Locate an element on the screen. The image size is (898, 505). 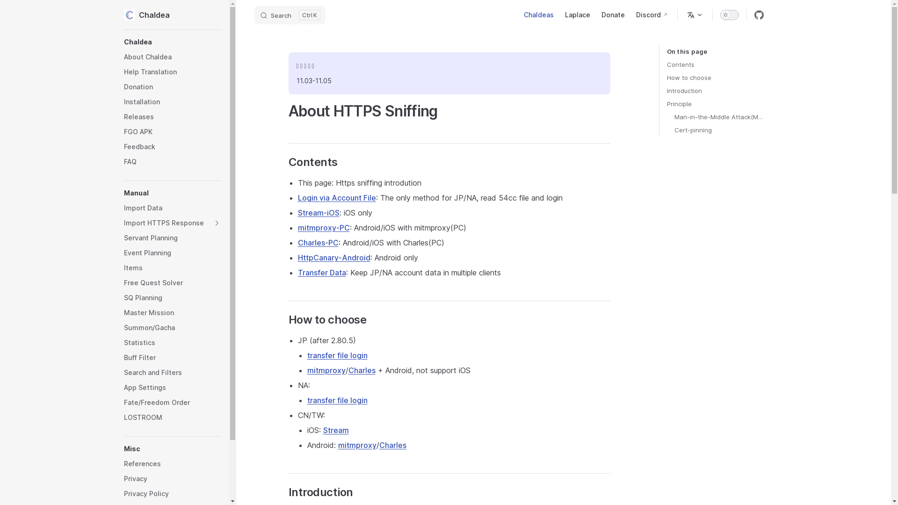
'Statistics' is located at coordinates (172, 342).